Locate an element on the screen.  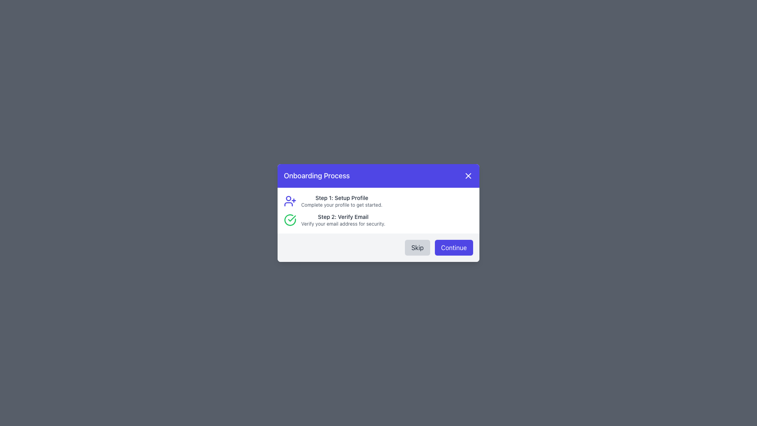
the Informational component for onboarding titled 'Step 2: Verify Email', which features a green circular check icon and bold black text for the title is located at coordinates (378, 220).